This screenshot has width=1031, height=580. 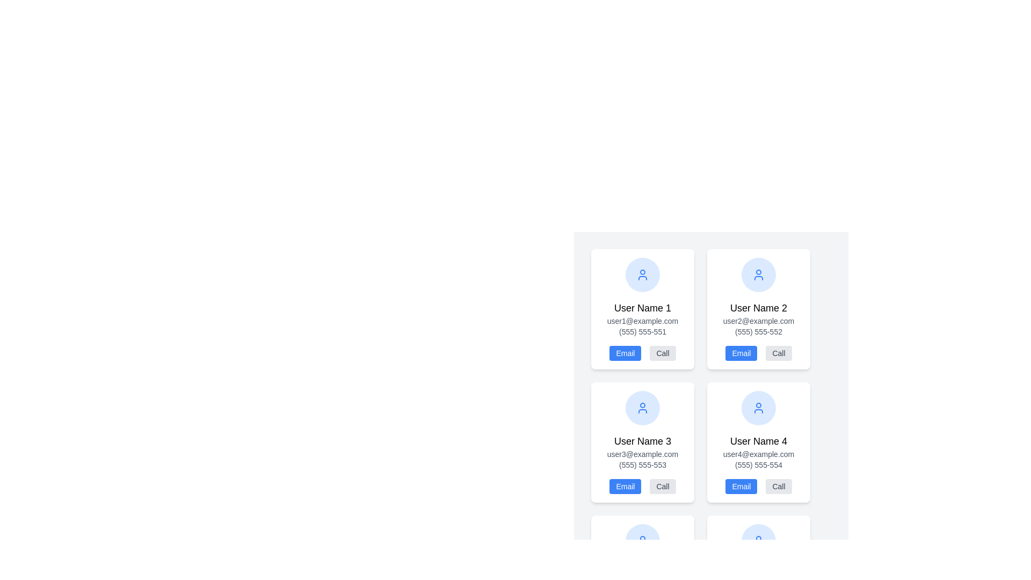 What do you see at coordinates (740, 353) in the screenshot?
I see `the blue rectangular button labeled 'Email' with rounded corners, located at the bottom section of the contact information card for 'User Name 2'` at bounding box center [740, 353].